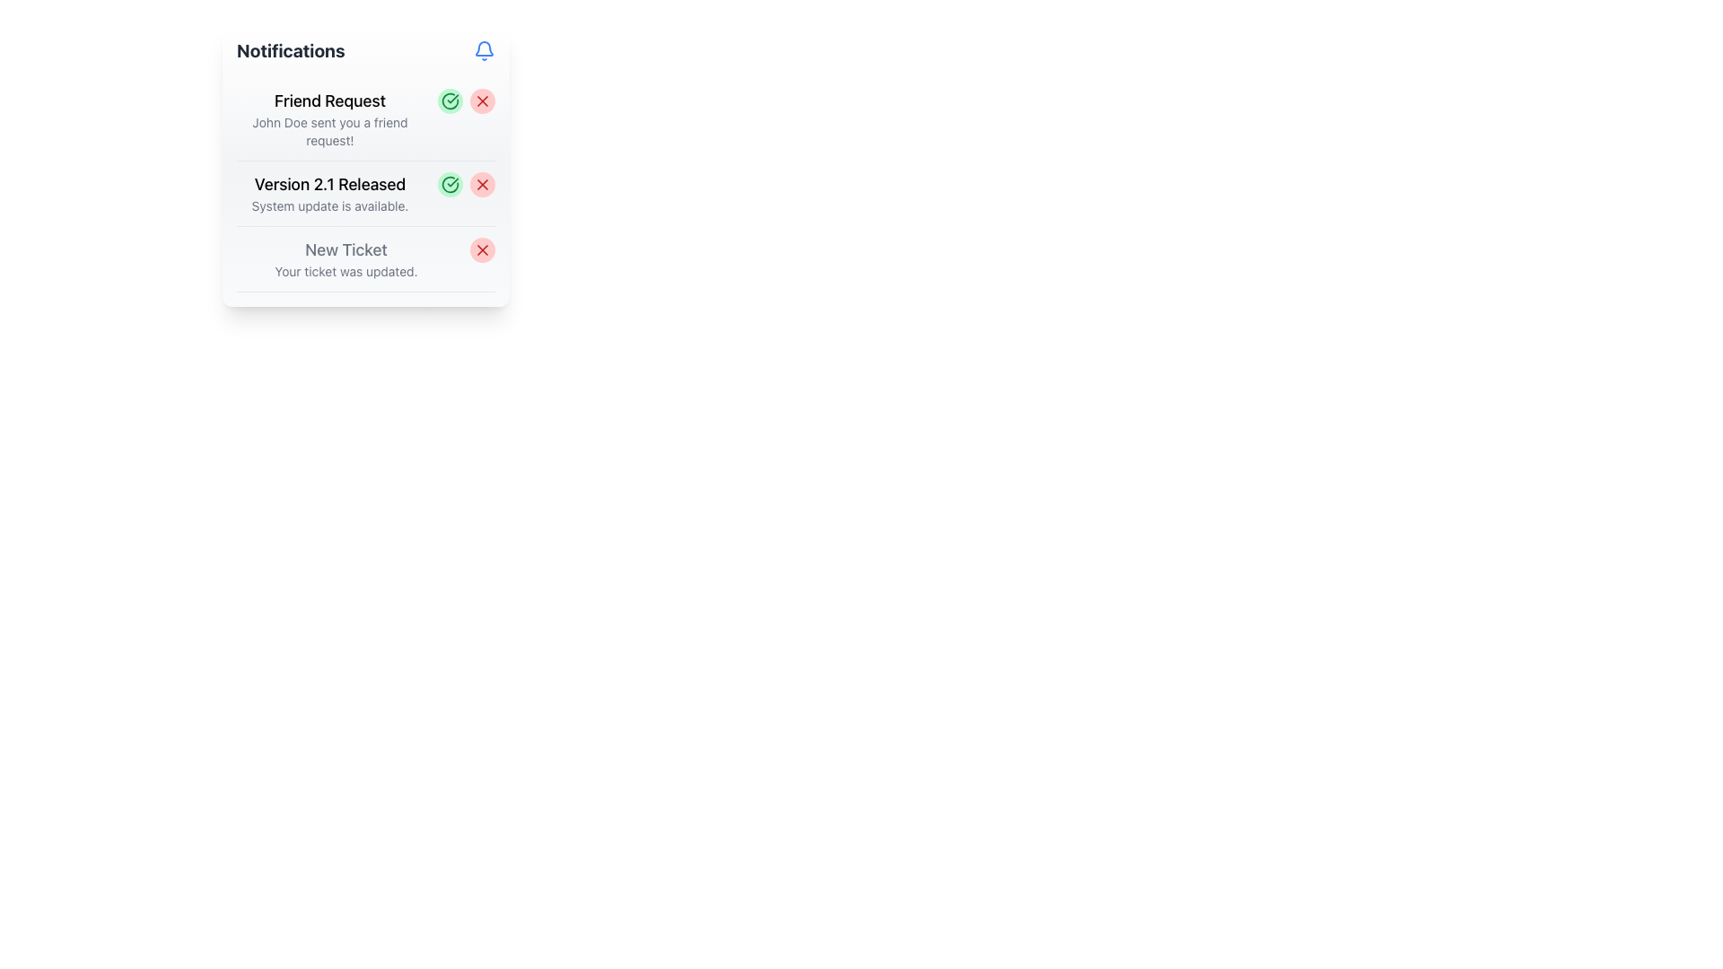 This screenshot has width=1723, height=969. Describe the element at coordinates (330, 100) in the screenshot. I see `the title 'Friend Request' in the notification header to highlight it` at that location.